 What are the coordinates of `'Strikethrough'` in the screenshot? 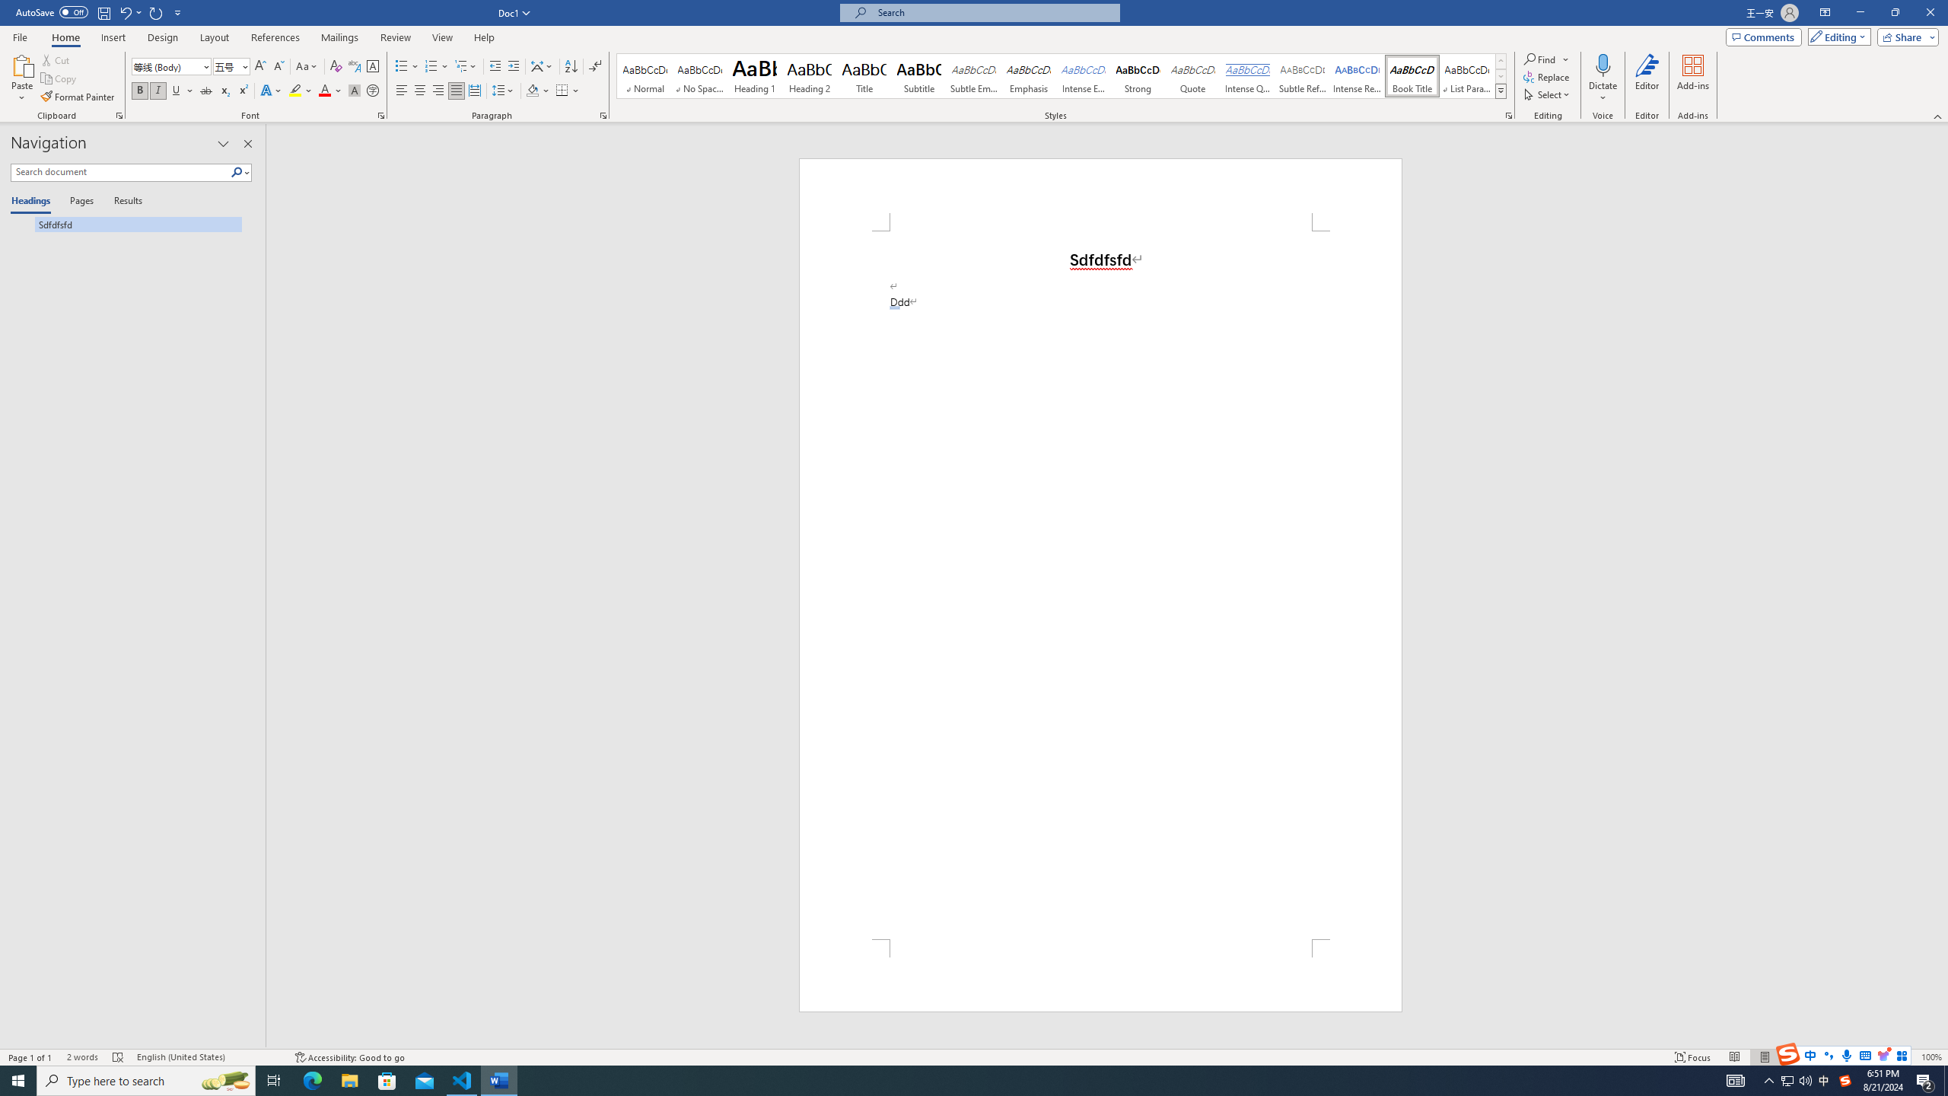 It's located at (205, 90).